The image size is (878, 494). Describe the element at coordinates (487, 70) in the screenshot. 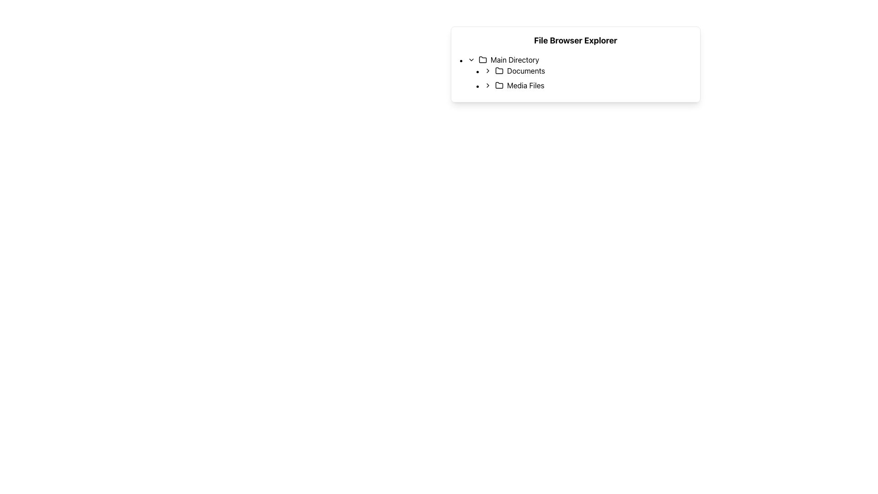

I see `the right-facing chevron icon next to the 'Documents' text` at that location.